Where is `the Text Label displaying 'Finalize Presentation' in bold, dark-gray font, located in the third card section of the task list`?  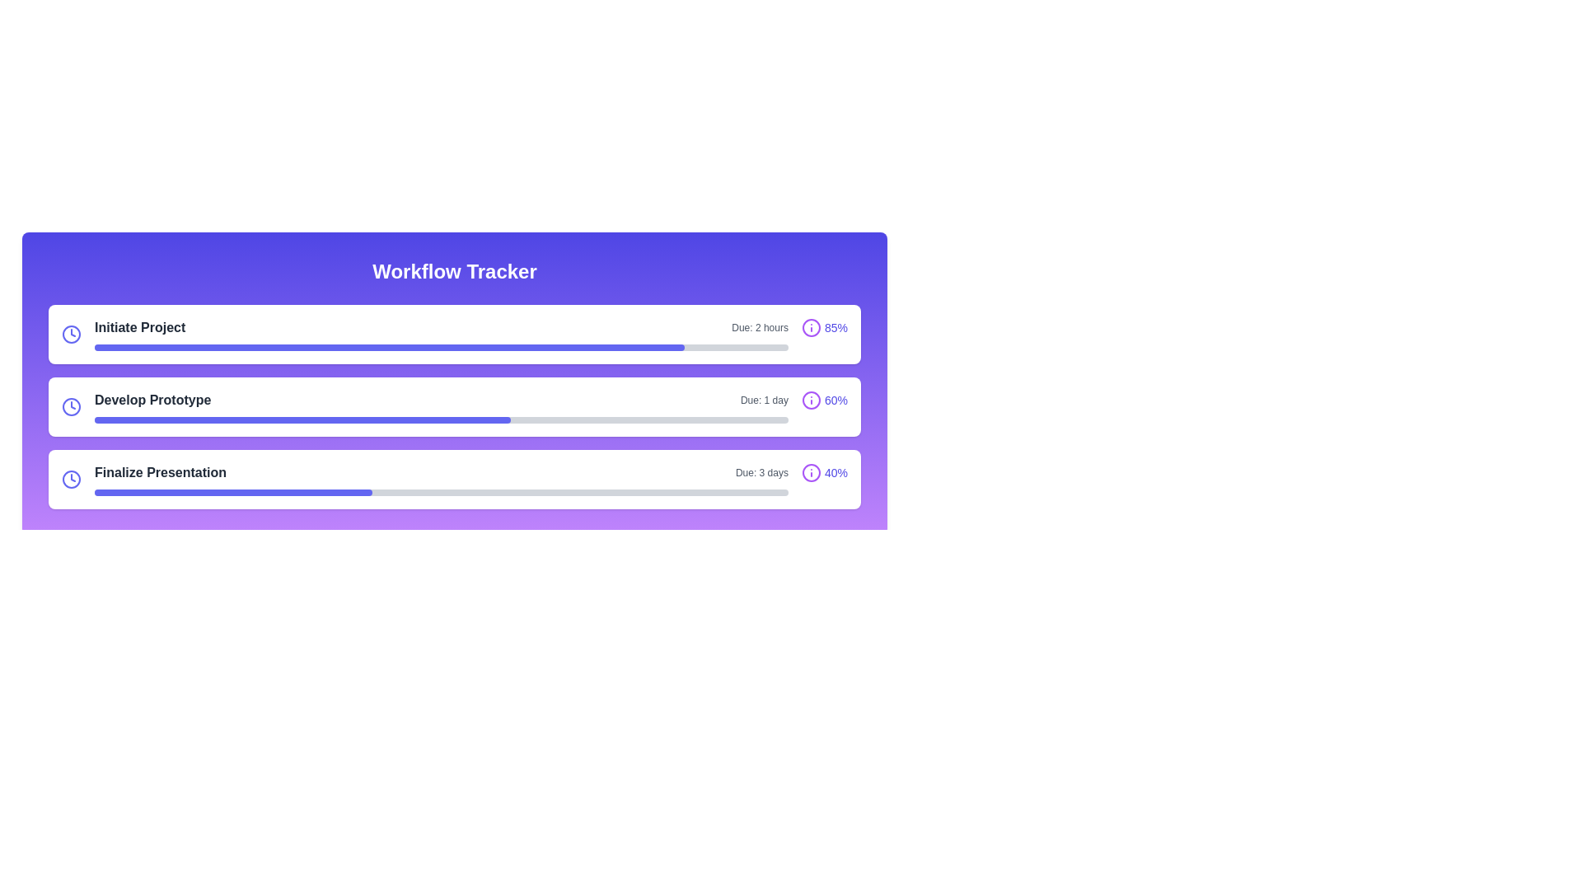
the Text Label displaying 'Finalize Presentation' in bold, dark-gray font, located in the third card section of the task list is located at coordinates (161, 473).